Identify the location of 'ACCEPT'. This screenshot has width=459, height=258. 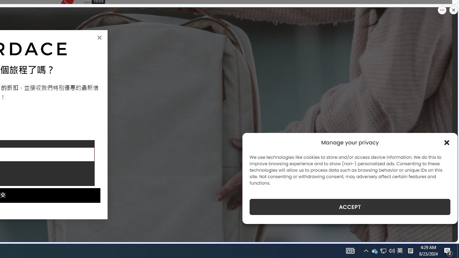
(350, 207).